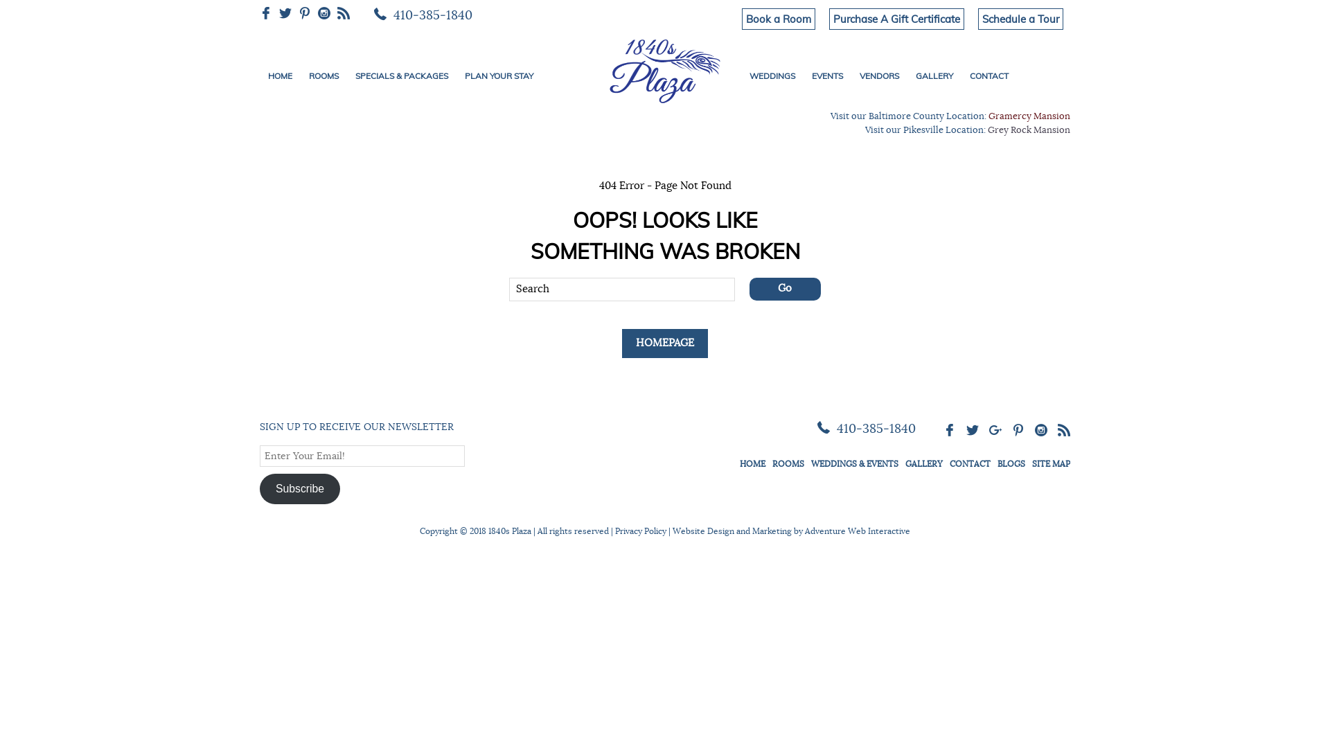  I want to click on 'CONTACT', so click(969, 464).